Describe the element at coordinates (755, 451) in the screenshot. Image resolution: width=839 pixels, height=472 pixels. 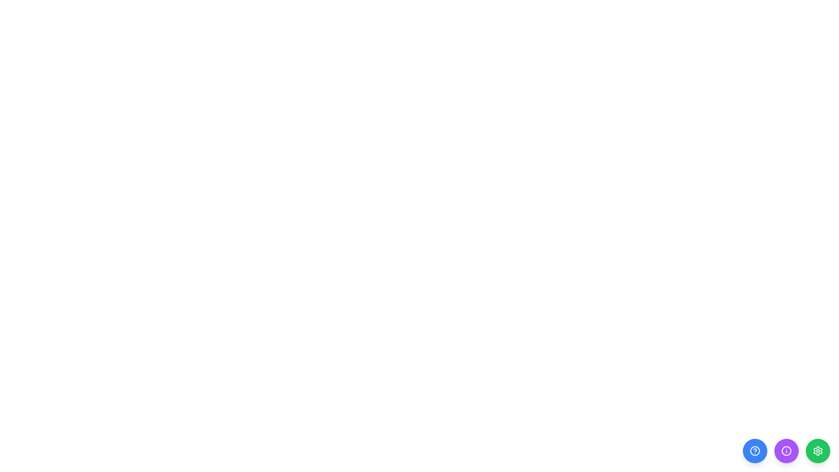
I see `the help icon located at the bottom right corner of the interface` at that location.